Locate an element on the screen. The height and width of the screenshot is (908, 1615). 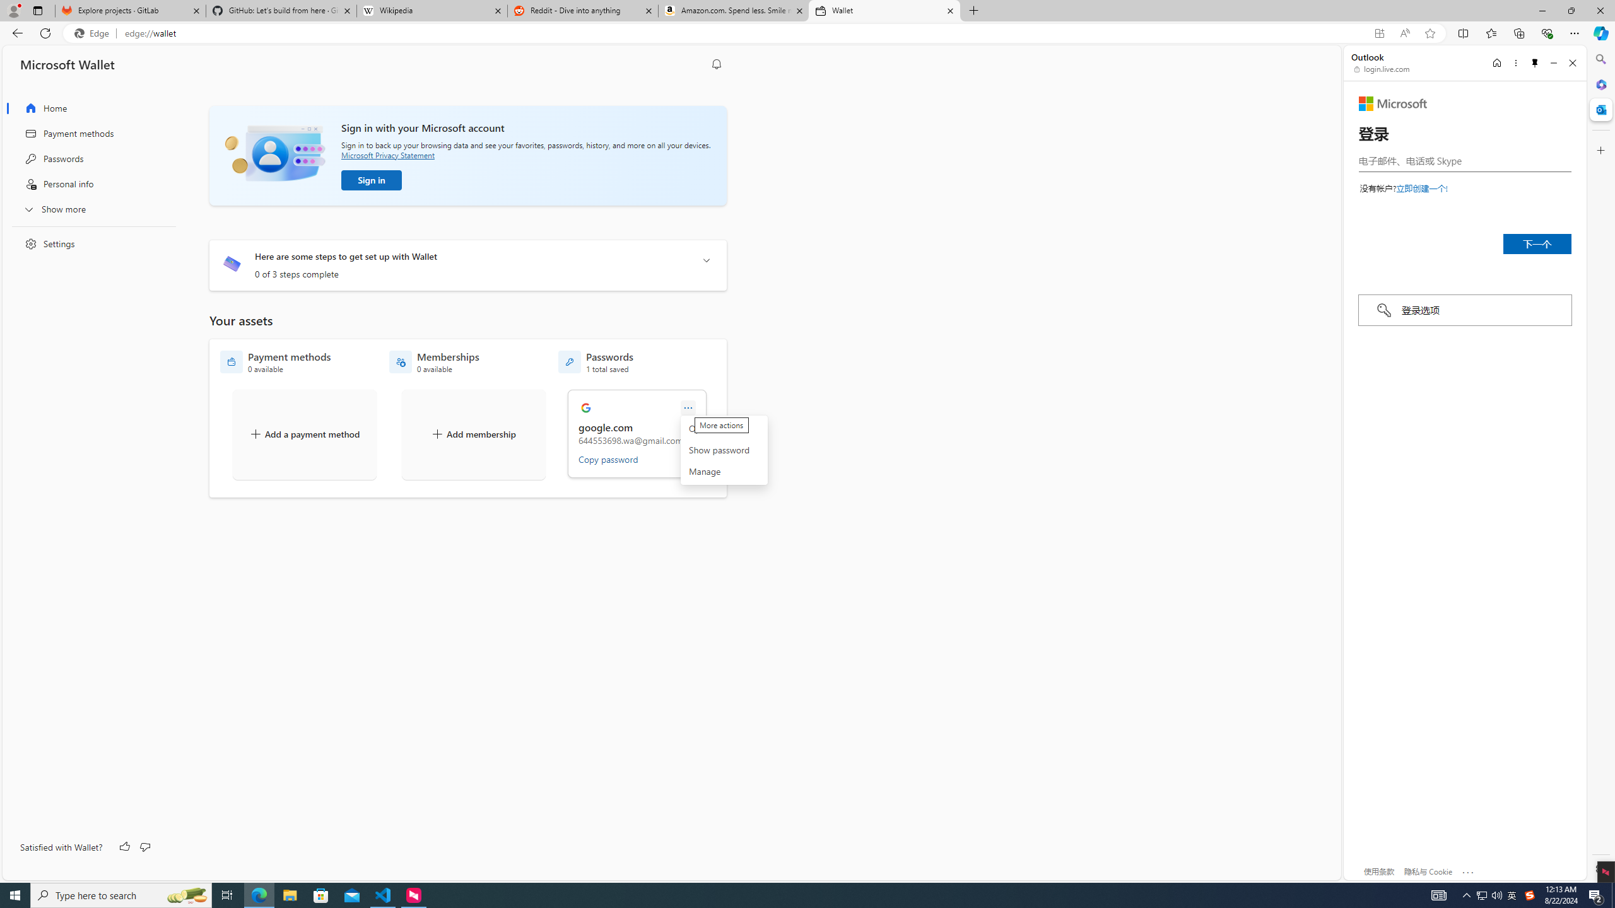
'Payment methods - 0 available' is located at coordinates (275, 362).